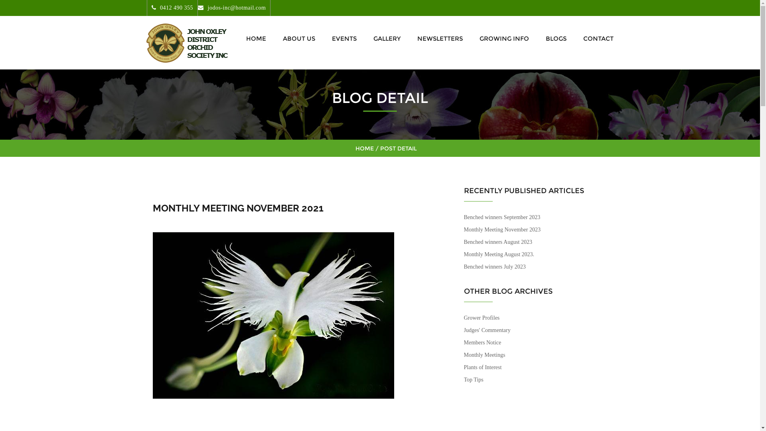  I want to click on 'Benched winners September 2023', so click(501, 217).